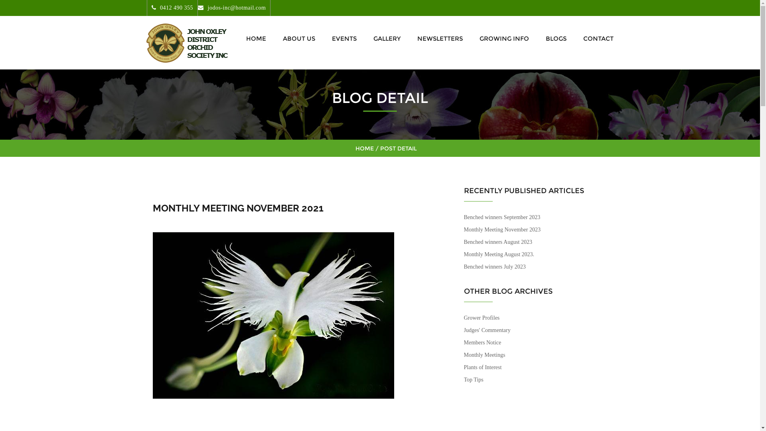  I want to click on 'Benched winners September 2023', so click(501, 217).